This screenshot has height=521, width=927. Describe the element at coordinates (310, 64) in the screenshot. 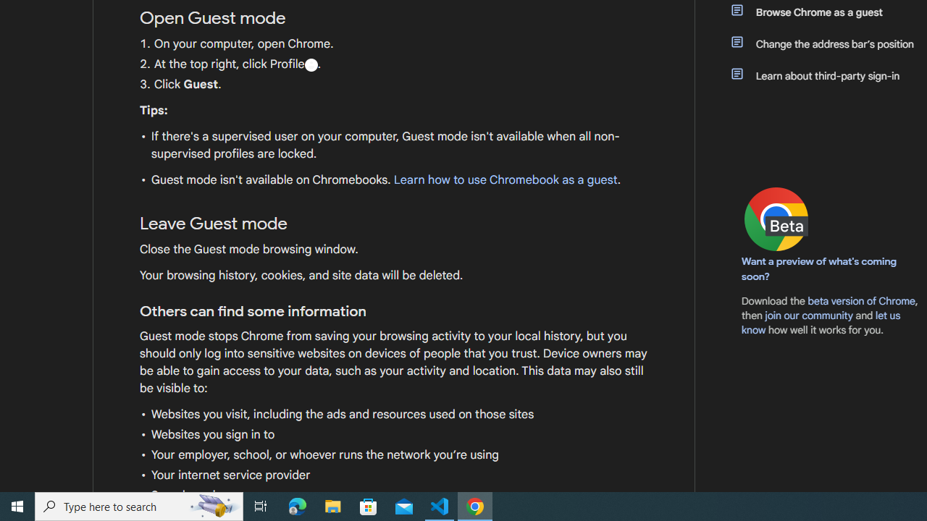

I see `'Profile'` at that location.